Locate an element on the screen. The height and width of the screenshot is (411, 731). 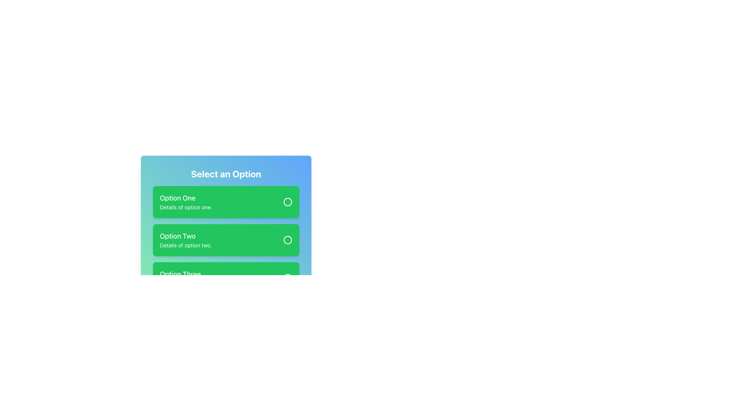
the text label element providing additional information about the 'Option Two' selection, which is positioned beneath the 'Option Two' heading in the second green option card is located at coordinates (186, 245).